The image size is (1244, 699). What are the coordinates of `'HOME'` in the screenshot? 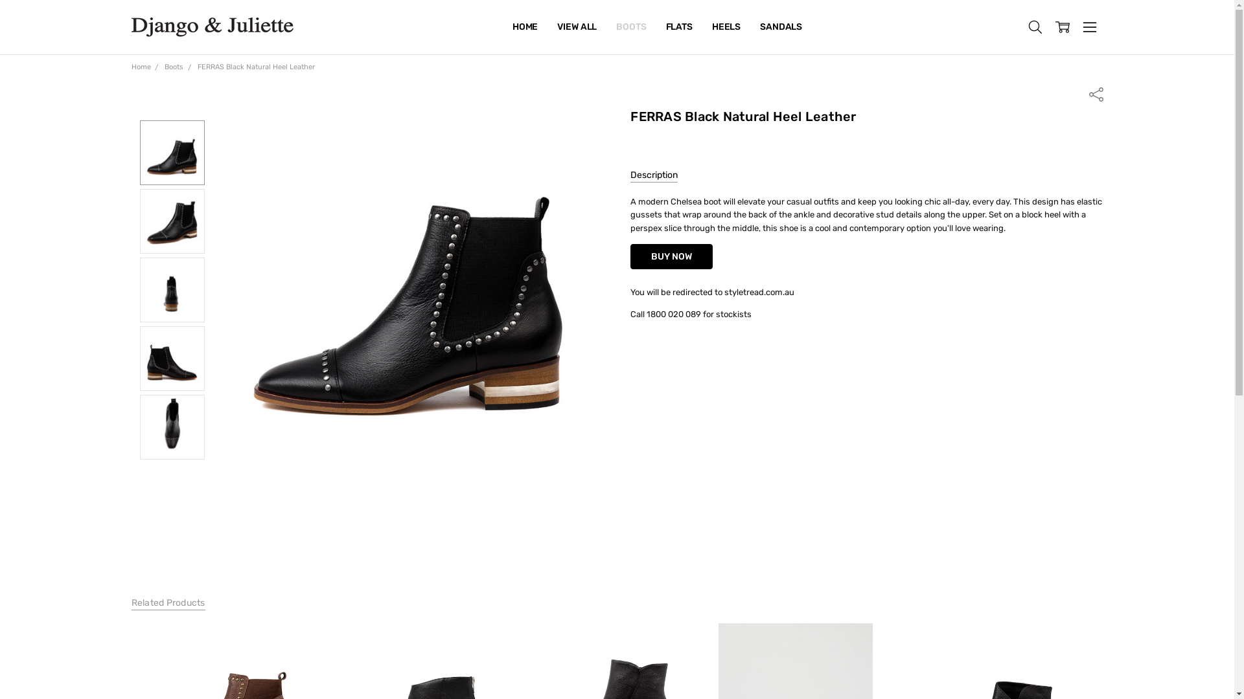 It's located at (525, 27).